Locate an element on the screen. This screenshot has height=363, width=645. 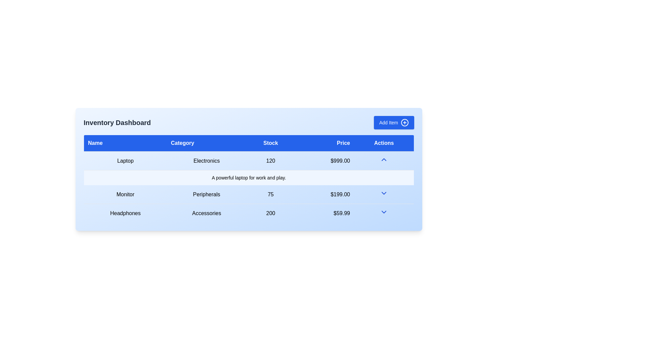
the arrow icon in the 'Actions' column of the 'Headphones' row is located at coordinates (384, 213).